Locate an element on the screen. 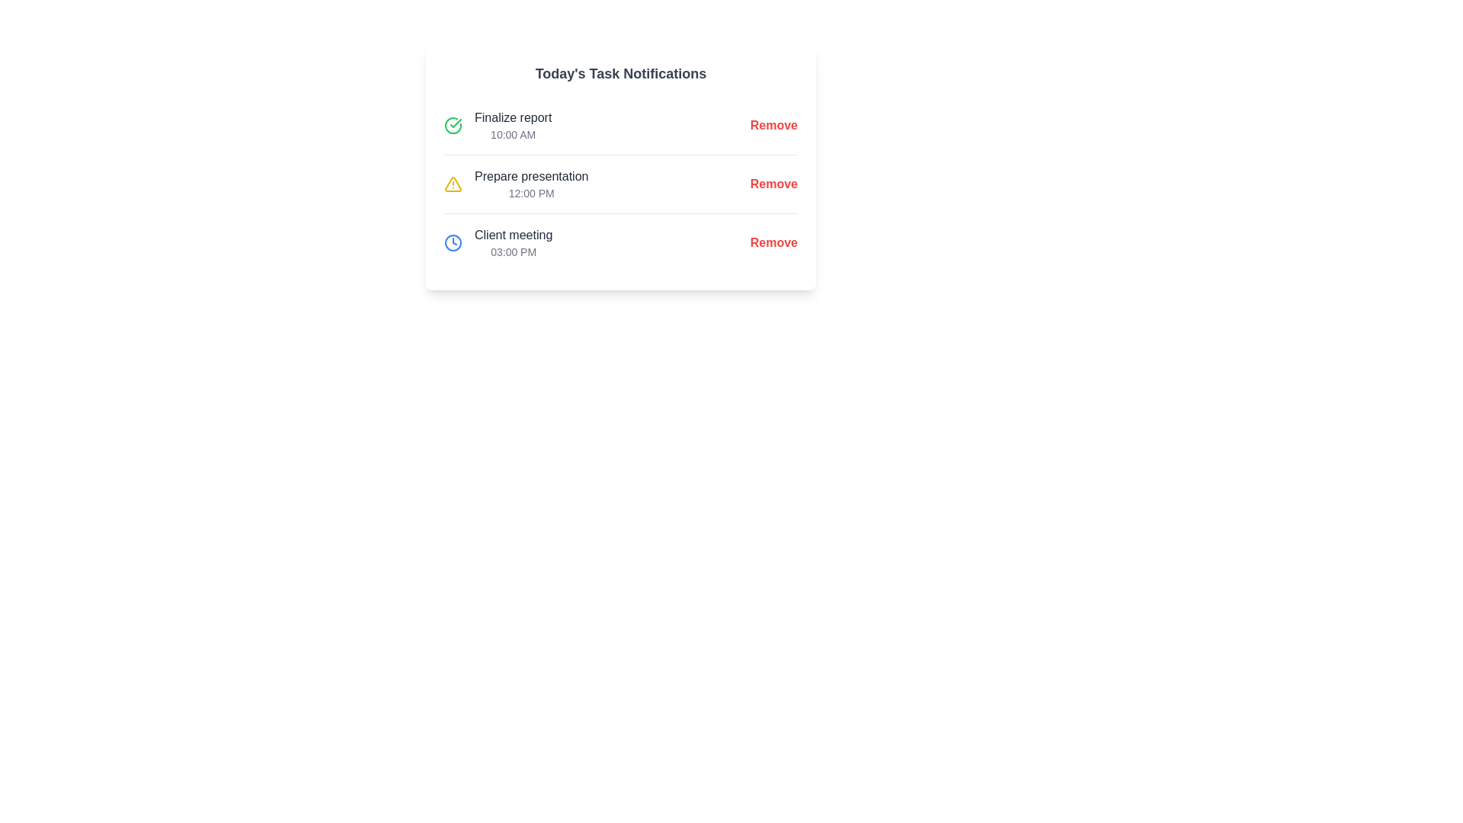  the text label indicating the title of the task located in the 'Client meeting' task row, which is positioned above the timestamp '03:00 PM' and to the left of the 'Remove' action link is located at coordinates (514, 235).